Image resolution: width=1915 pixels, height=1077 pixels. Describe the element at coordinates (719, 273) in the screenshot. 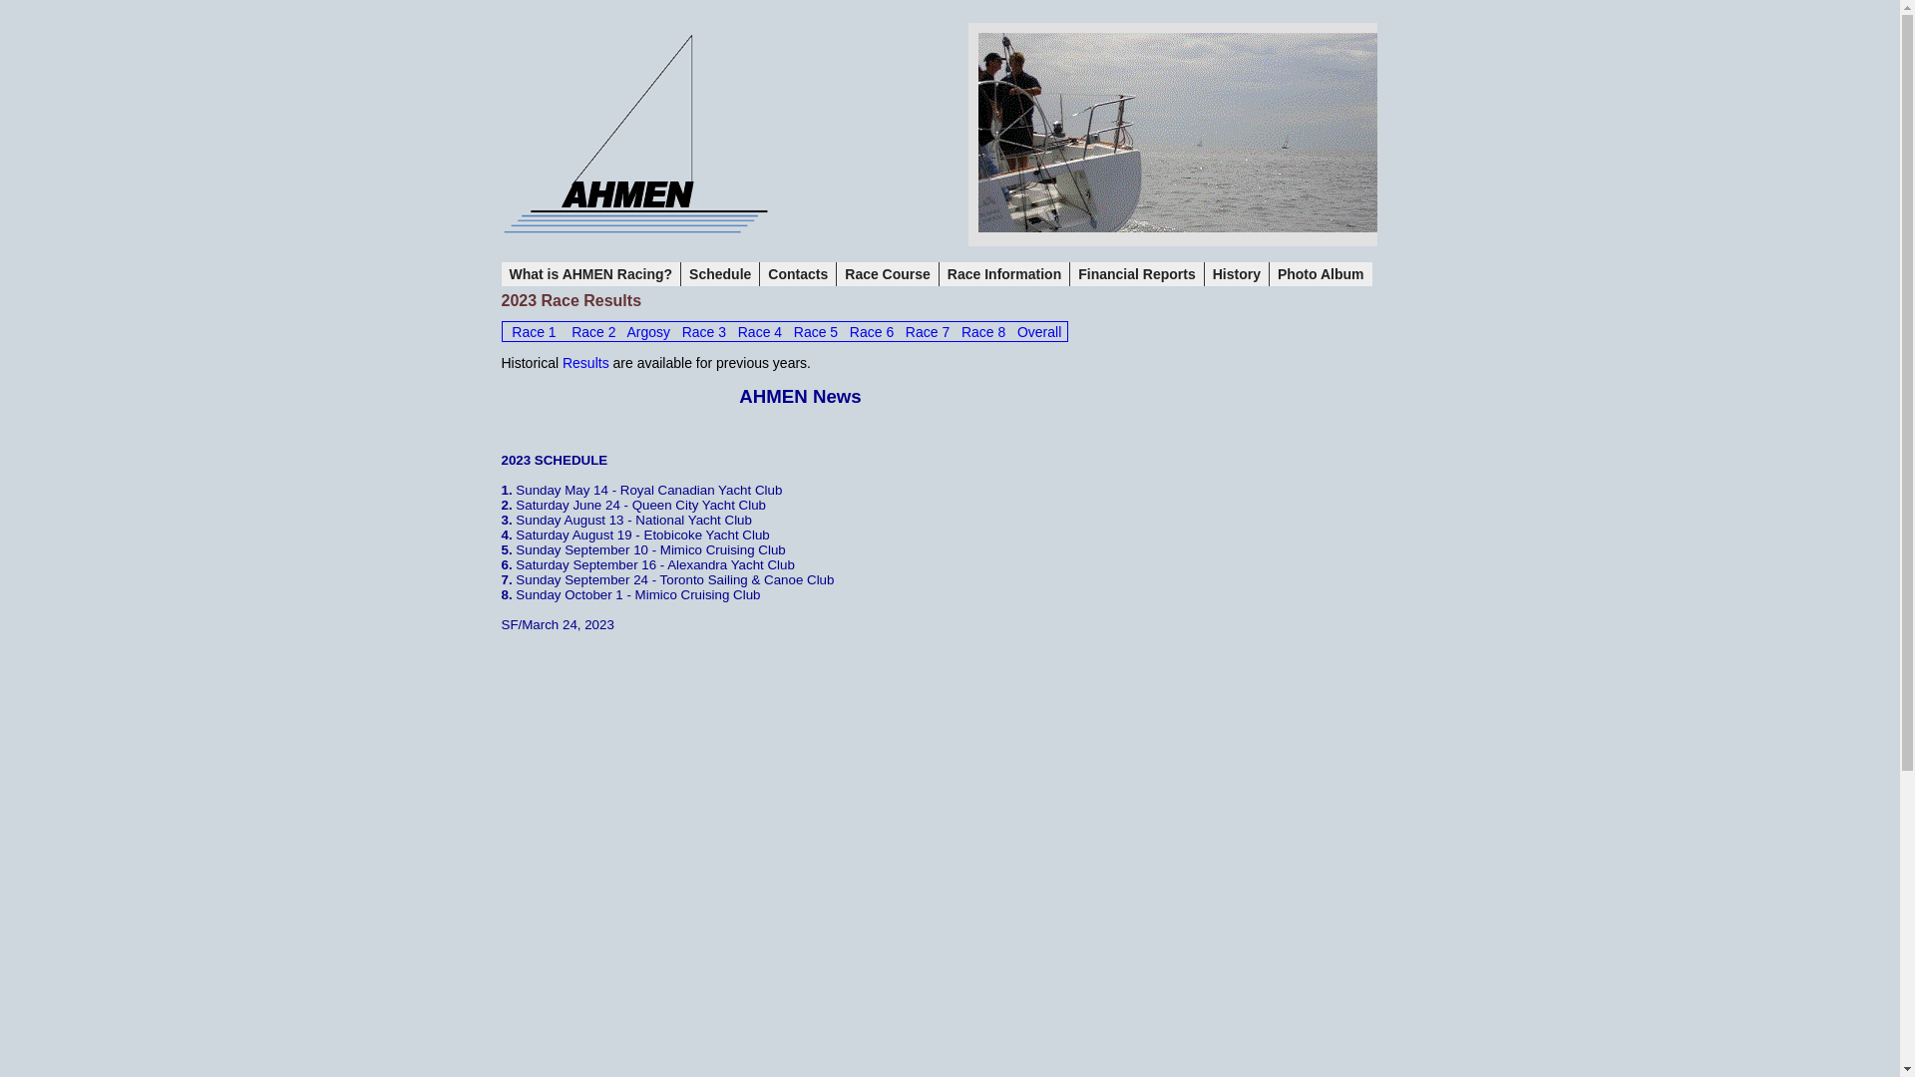

I see `'Schedule'` at that location.